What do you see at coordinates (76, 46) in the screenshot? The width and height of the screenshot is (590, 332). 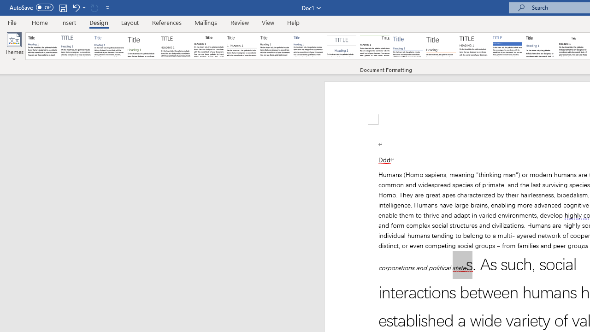 I see `'Basic (Elegant)'` at bounding box center [76, 46].